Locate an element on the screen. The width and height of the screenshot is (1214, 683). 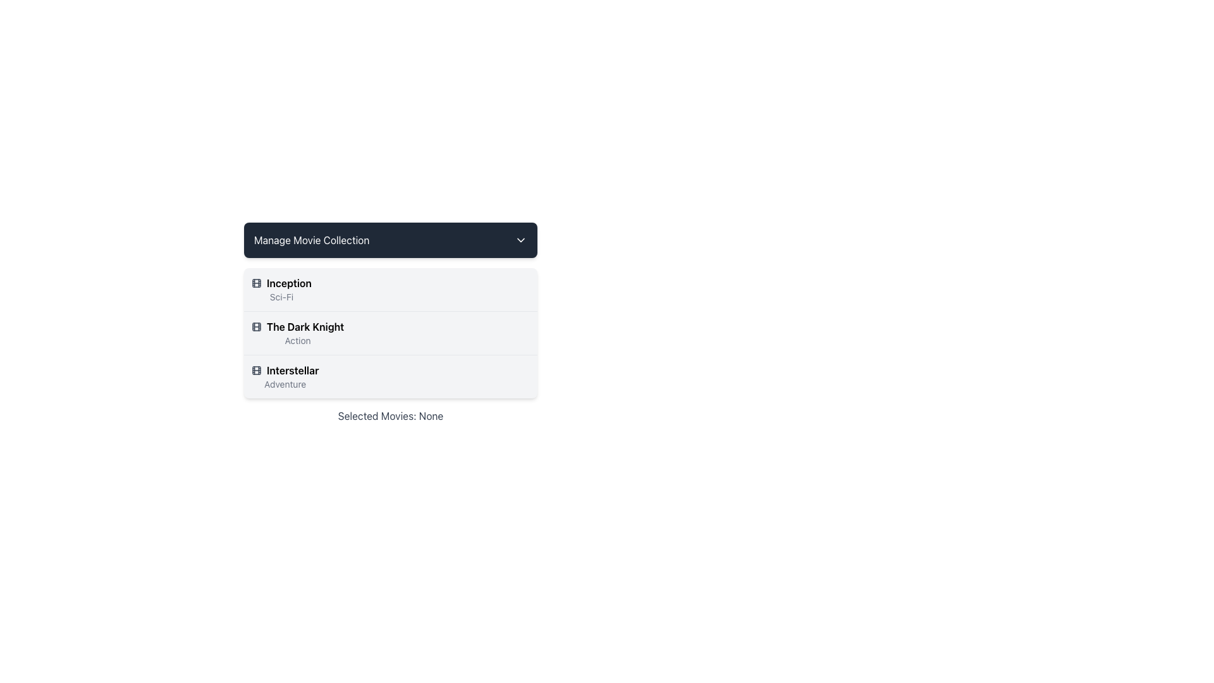
text from the movie entry label displaying 'Interstellar' and its genre 'Adventure', which is the third element in a vertical list is located at coordinates (285, 376).